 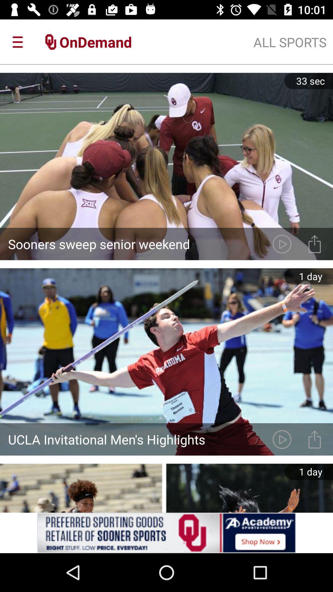 What do you see at coordinates (282, 439) in the screenshot?
I see `play` at bounding box center [282, 439].